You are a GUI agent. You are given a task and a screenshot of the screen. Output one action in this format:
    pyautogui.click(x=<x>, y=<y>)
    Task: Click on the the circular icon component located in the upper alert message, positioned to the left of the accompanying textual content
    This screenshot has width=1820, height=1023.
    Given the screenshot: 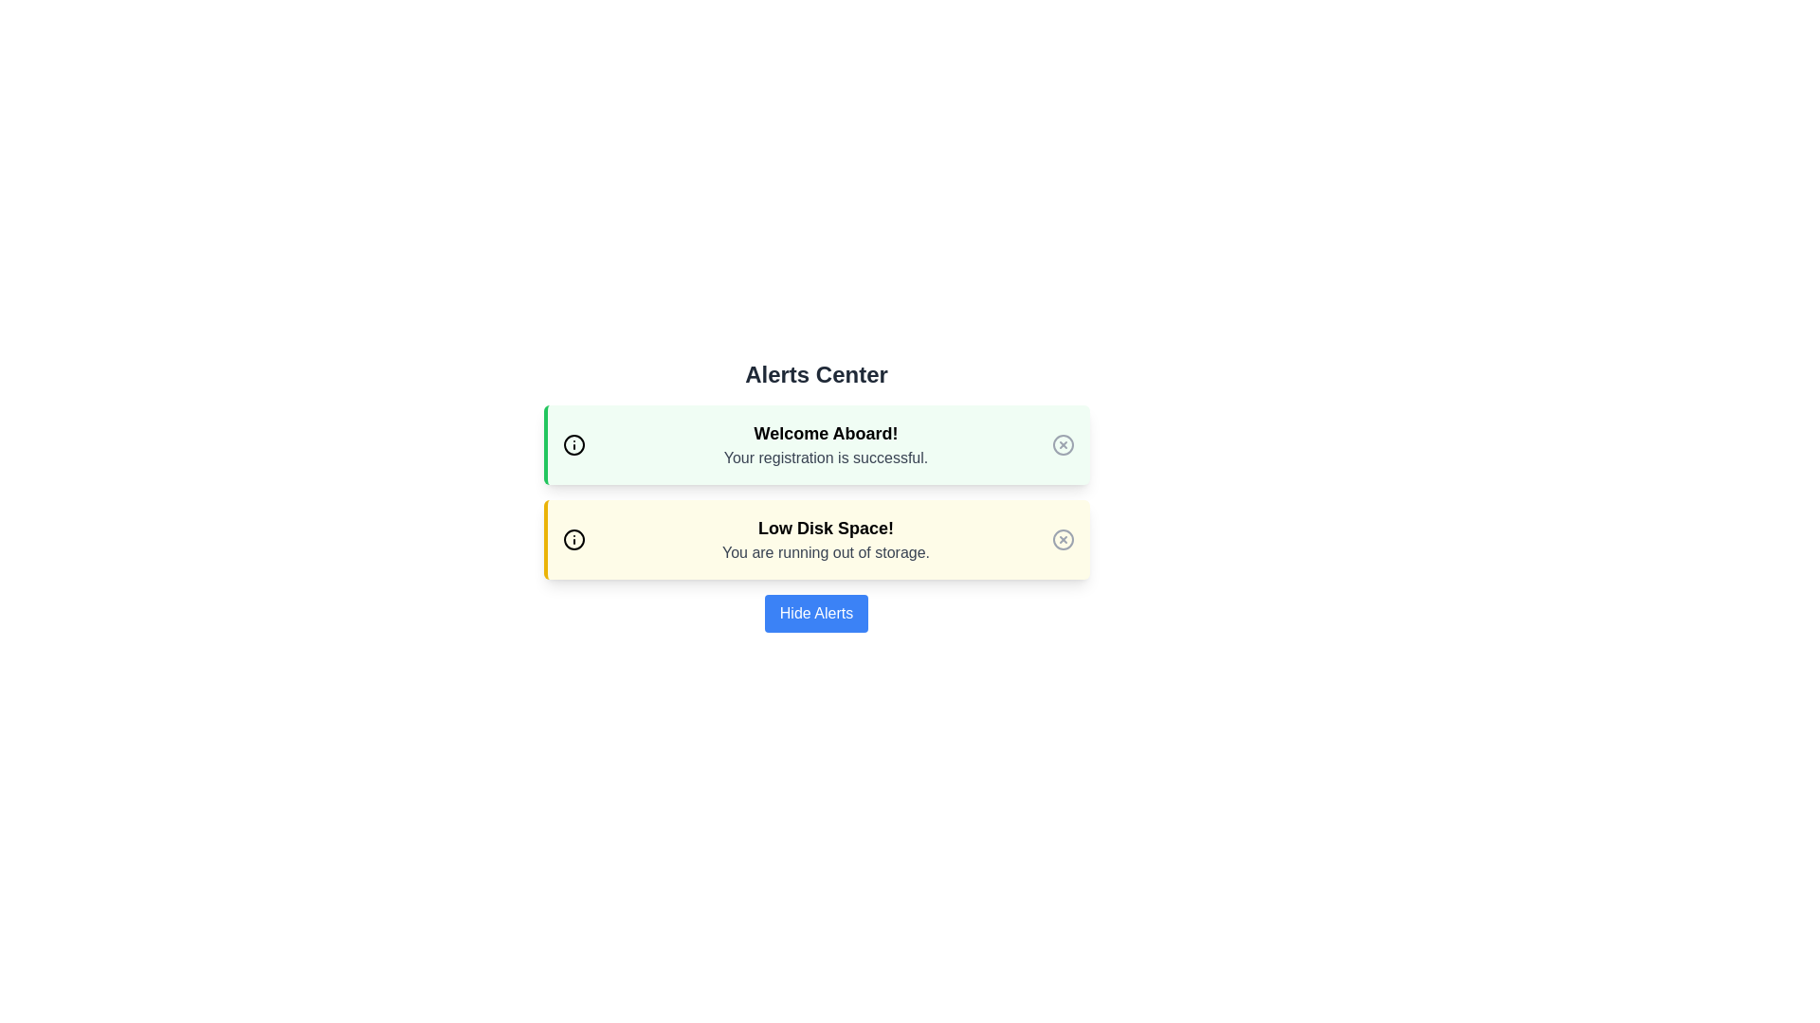 What is the action you would take?
    pyautogui.click(x=573, y=445)
    